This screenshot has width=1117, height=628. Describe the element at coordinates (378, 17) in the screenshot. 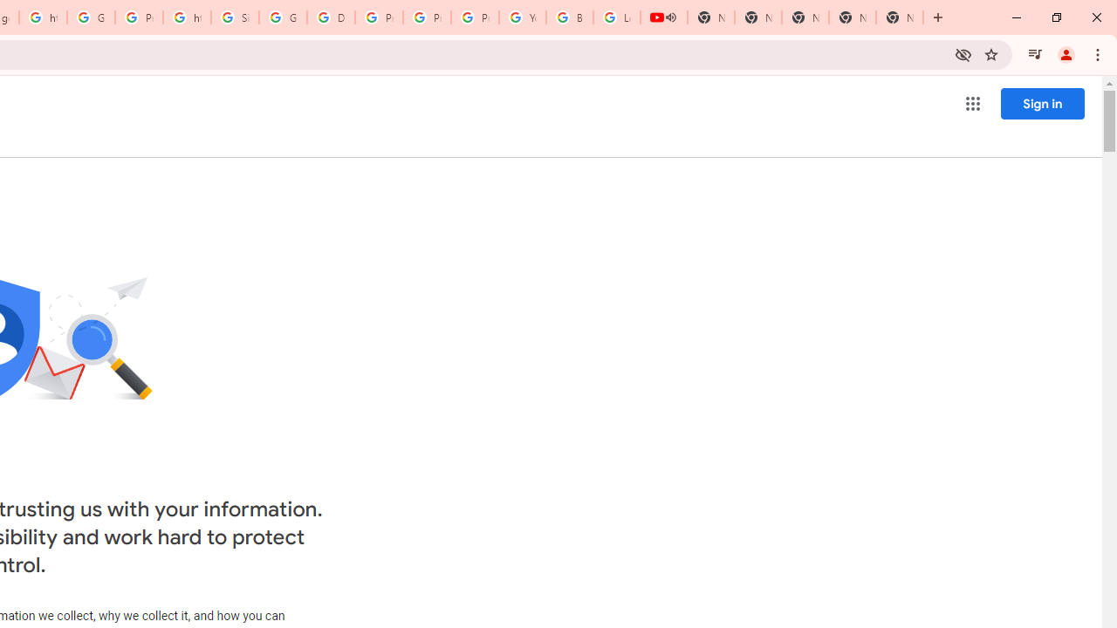

I see `'Privacy Help Center - Policies Help'` at that location.